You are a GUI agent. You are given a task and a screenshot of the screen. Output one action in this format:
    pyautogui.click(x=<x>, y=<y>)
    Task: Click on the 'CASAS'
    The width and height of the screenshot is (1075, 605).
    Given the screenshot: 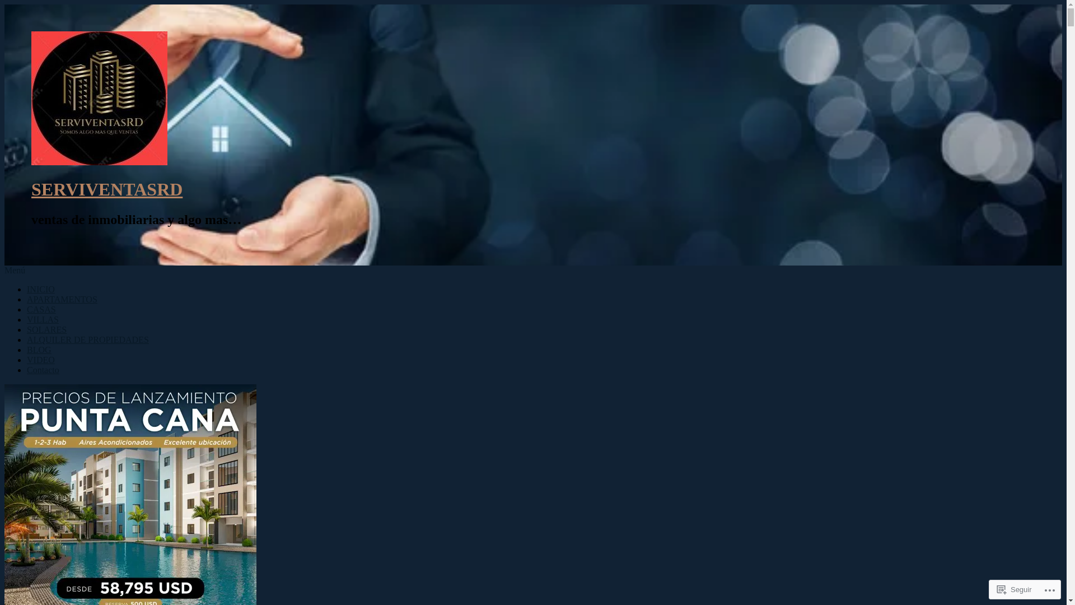 What is the action you would take?
    pyautogui.click(x=27, y=309)
    